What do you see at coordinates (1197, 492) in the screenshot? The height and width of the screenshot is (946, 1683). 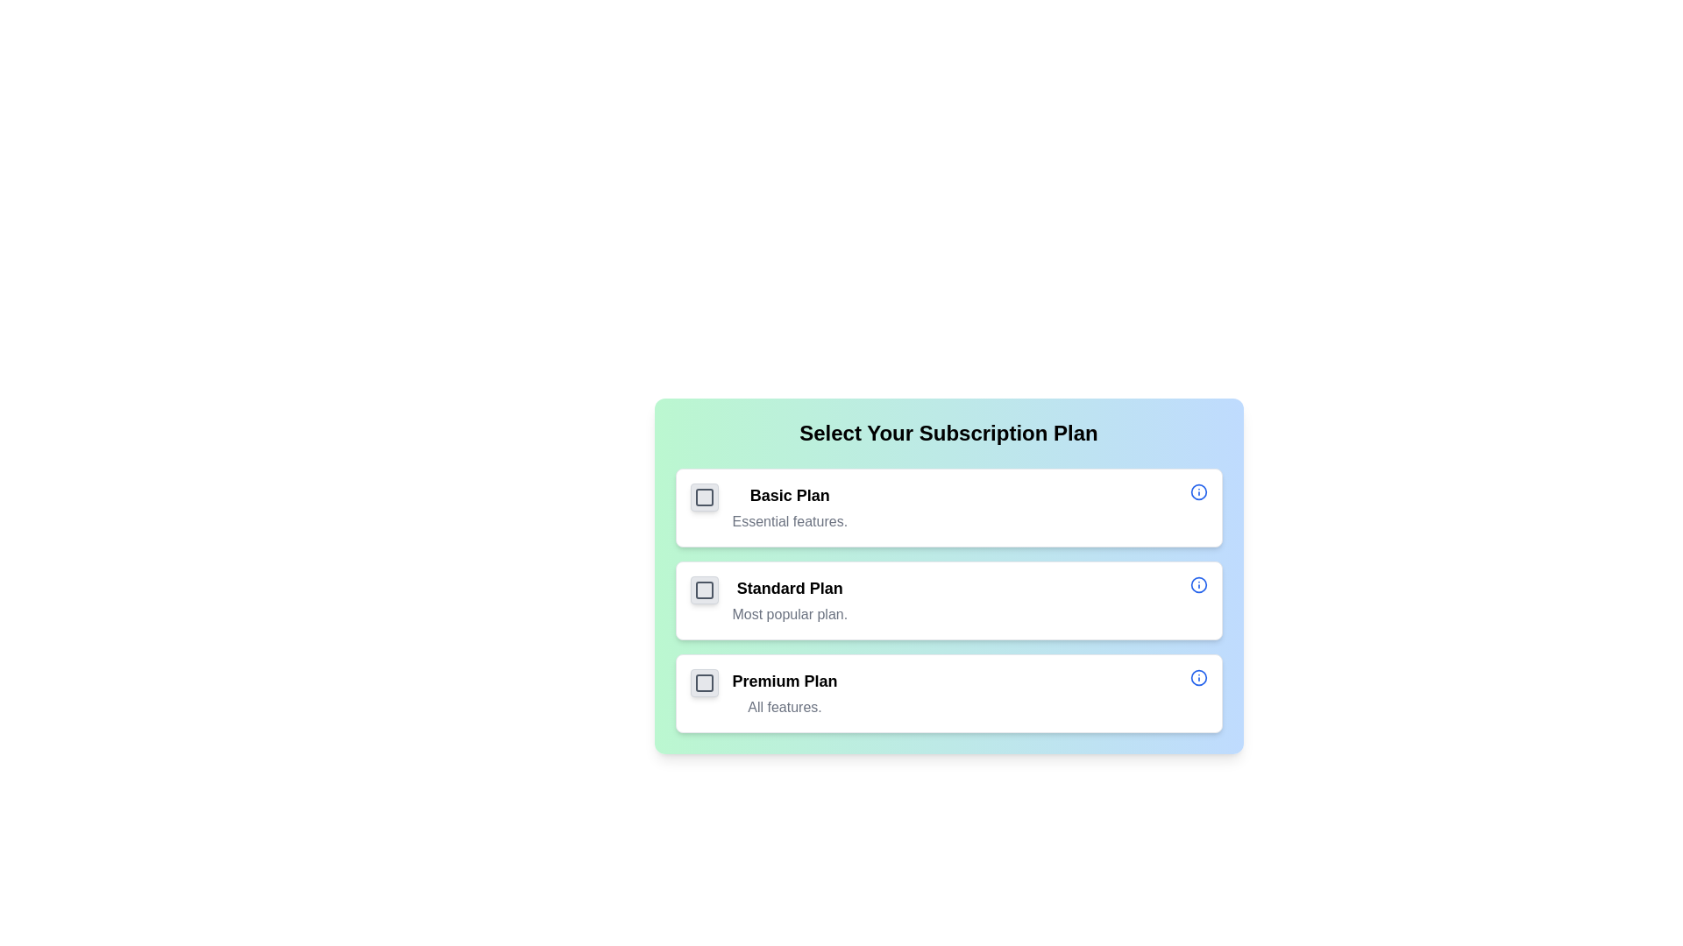 I see `the informational icon located at the far right of the 'Basic Plan' card` at bounding box center [1197, 492].